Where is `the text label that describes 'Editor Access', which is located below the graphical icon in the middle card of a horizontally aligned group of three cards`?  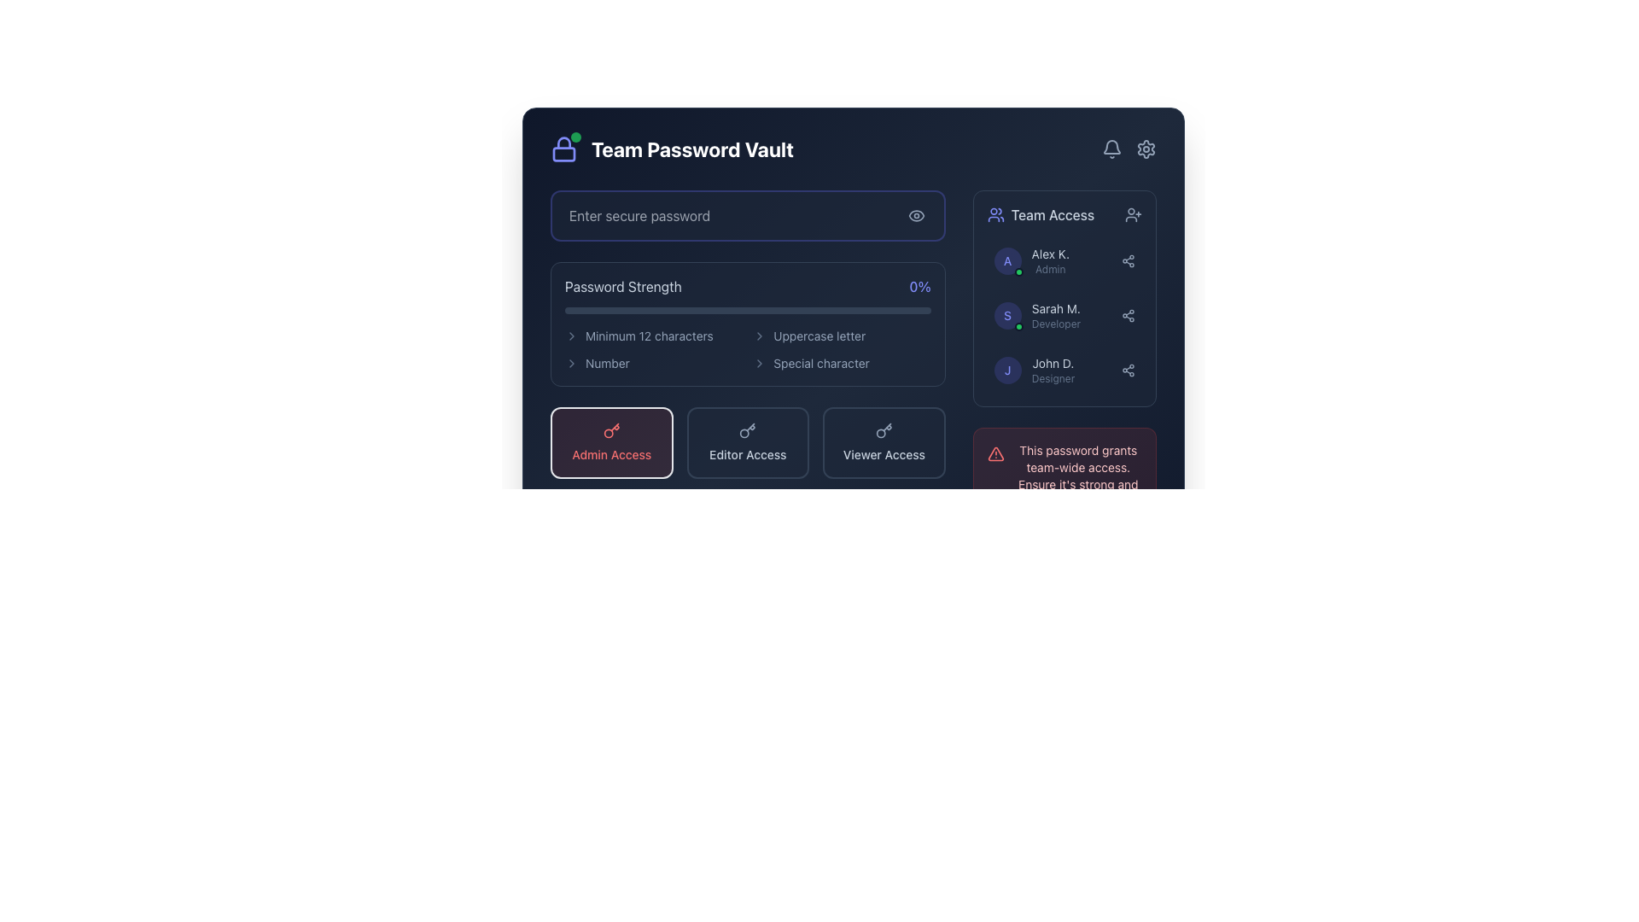 the text label that describes 'Editor Access', which is located below the graphical icon in the middle card of a horizontally aligned group of three cards is located at coordinates (748, 453).